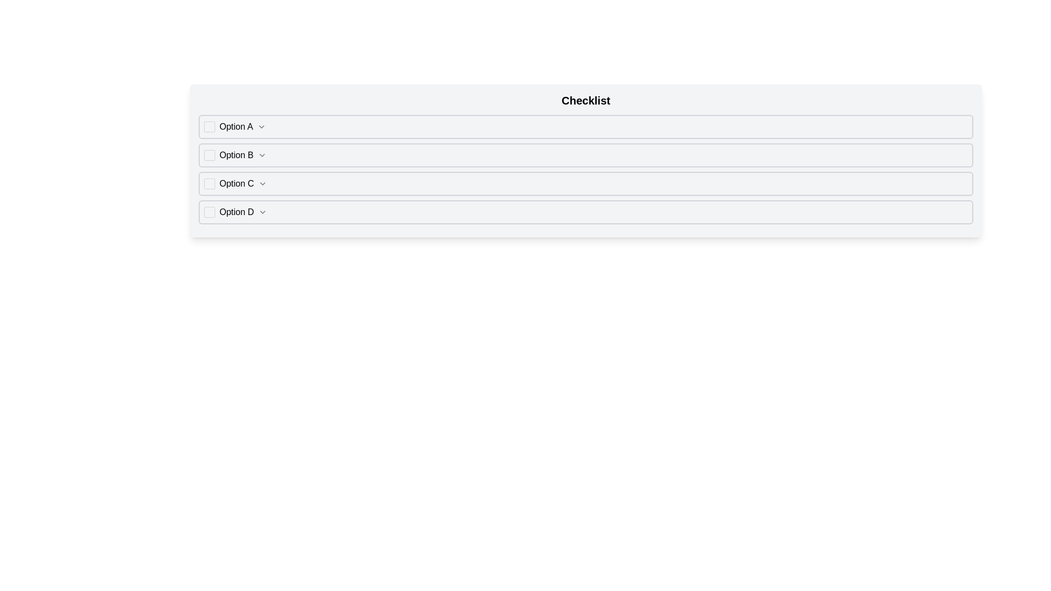 Image resolution: width=1051 pixels, height=591 pixels. Describe the element at coordinates (263, 183) in the screenshot. I see `the downward-chevron icon located in the 'Option C' row` at that location.